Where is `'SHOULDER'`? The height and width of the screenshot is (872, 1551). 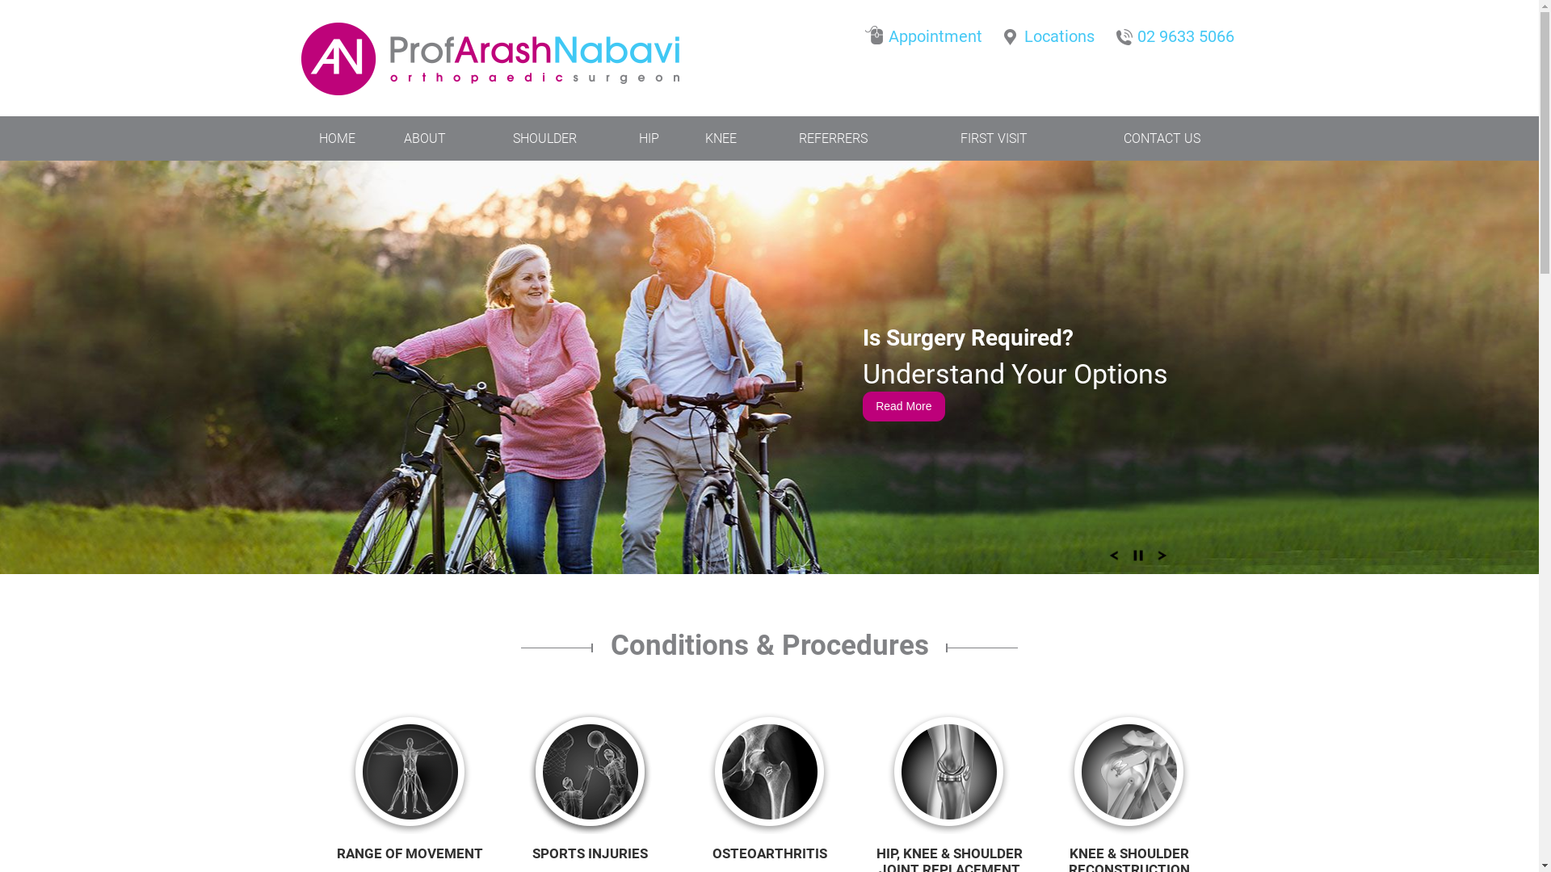
'SHOULDER' is located at coordinates (472, 137).